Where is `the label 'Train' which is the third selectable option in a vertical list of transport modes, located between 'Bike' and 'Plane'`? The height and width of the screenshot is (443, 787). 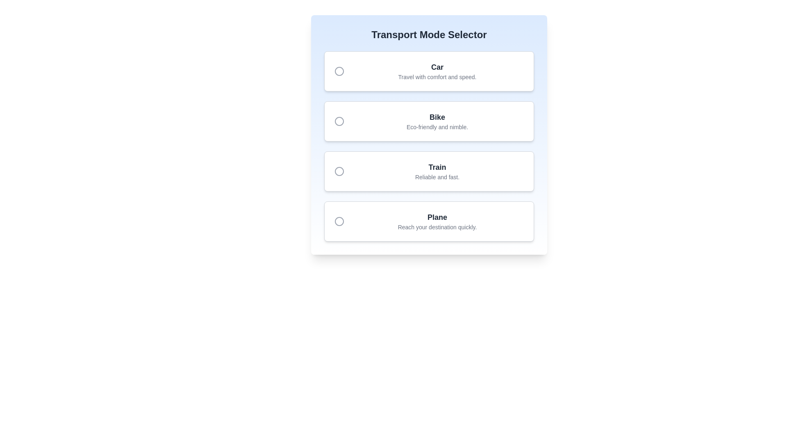 the label 'Train' which is the third selectable option in a vertical list of transport modes, located between 'Bike' and 'Plane' is located at coordinates (437, 171).